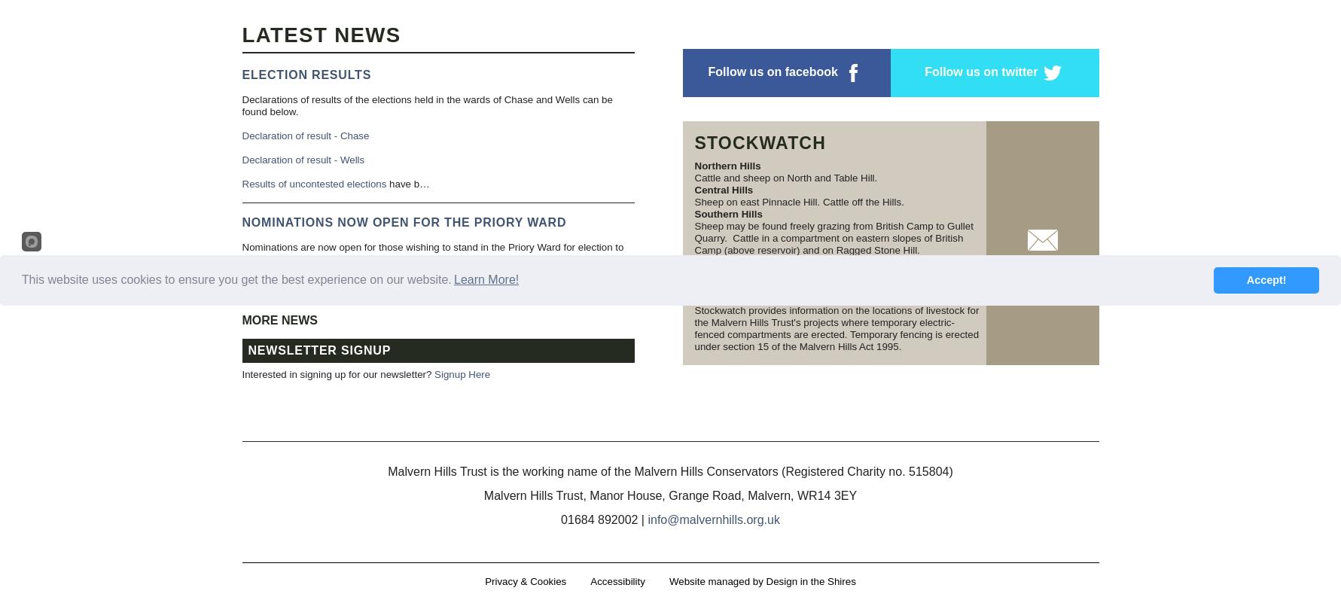  I want to click on 'info@malvernhills.org.uk', so click(648, 519).